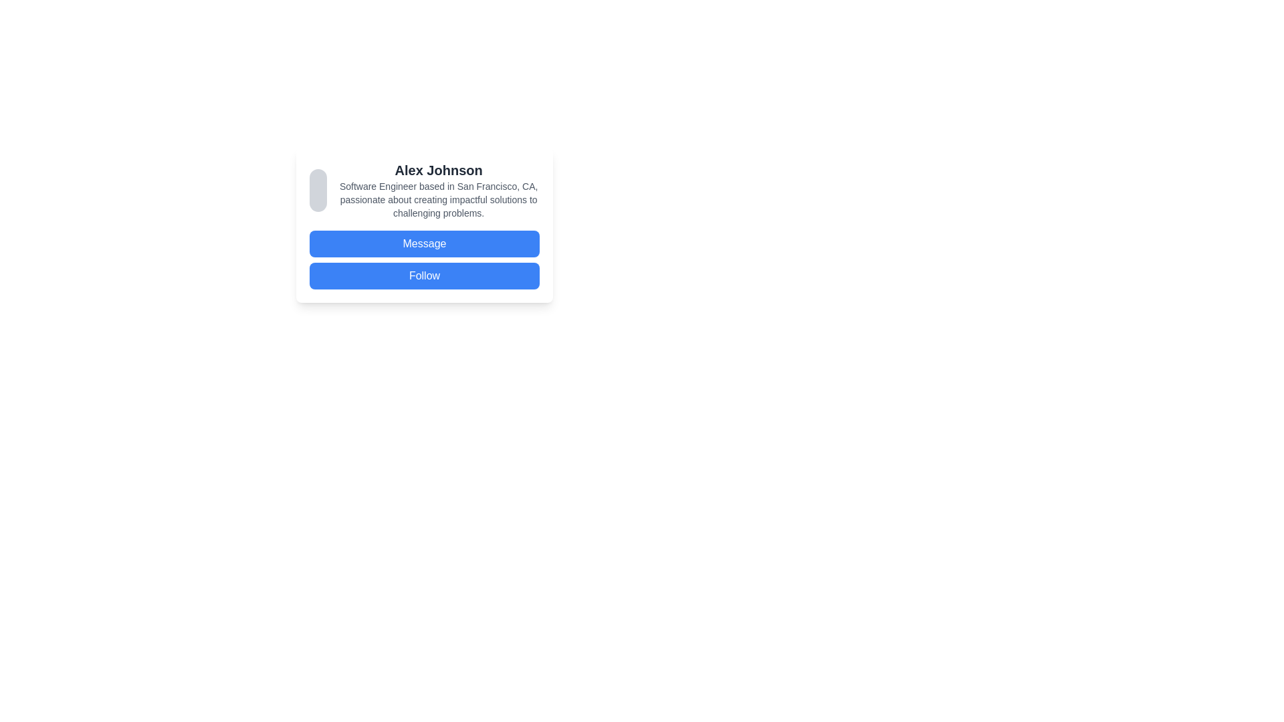 This screenshot has height=722, width=1284. What do you see at coordinates (423, 244) in the screenshot?
I see `the 'Message' button, which is a horizontally aligned button with a blue background and white text, to observe the visual change` at bounding box center [423, 244].